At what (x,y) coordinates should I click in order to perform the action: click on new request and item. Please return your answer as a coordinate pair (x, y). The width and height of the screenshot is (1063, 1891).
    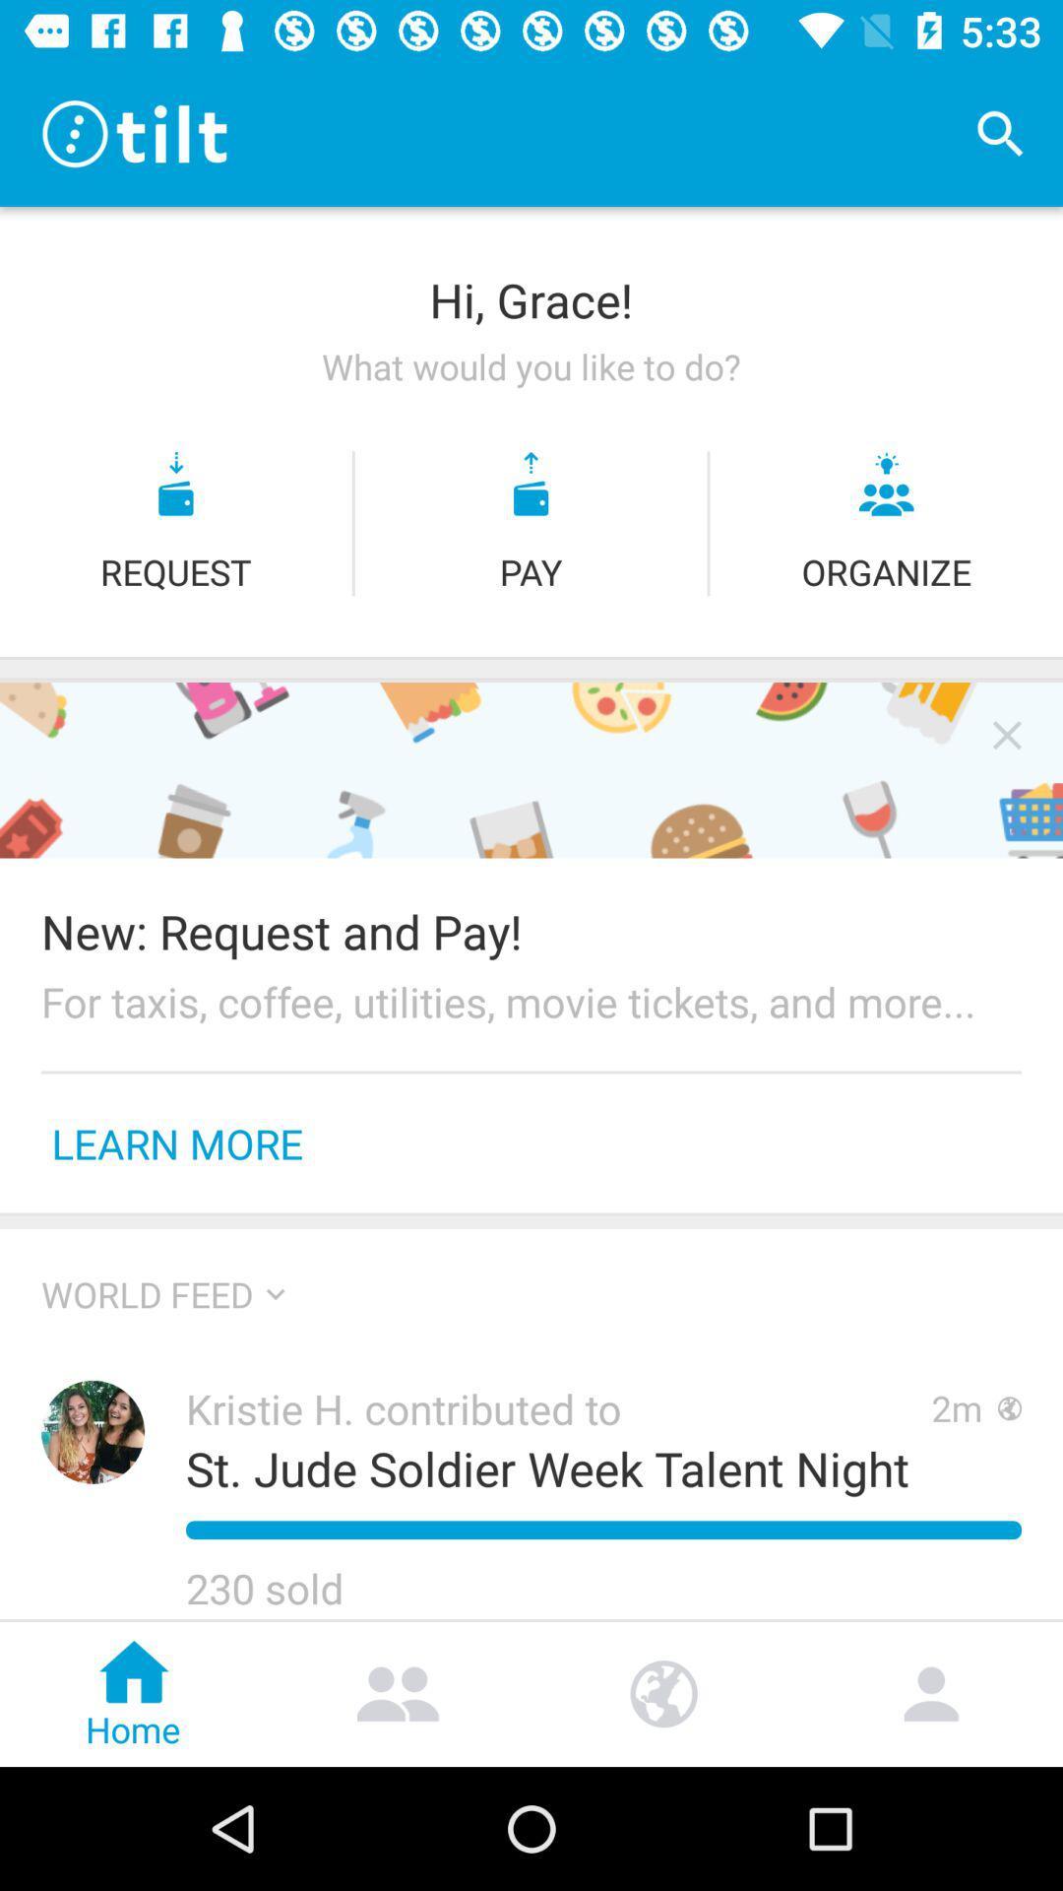
    Looking at the image, I should click on (531, 930).